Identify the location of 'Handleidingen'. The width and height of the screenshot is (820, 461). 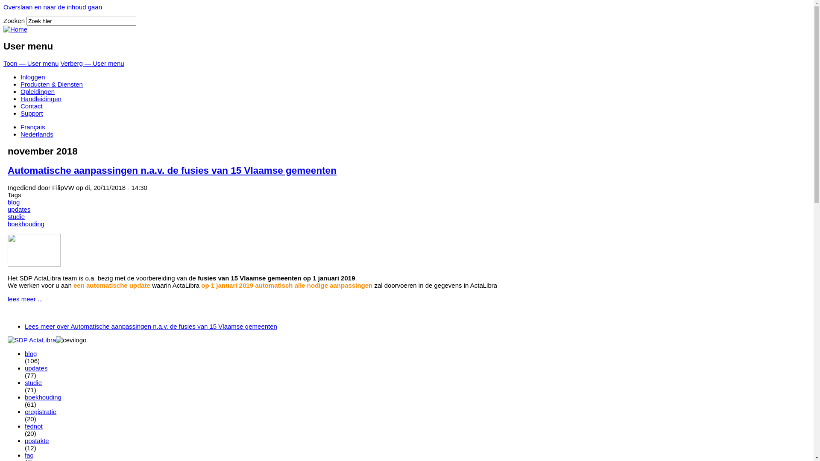
(41, 98).